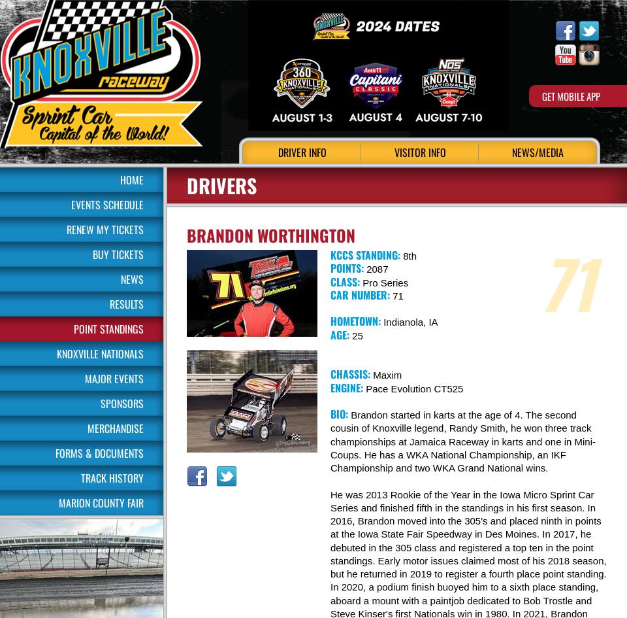 The width and height of the screenshot is (627, 618). Describe the element at coordinates (122, 402) in the screenshot. I see `'Sponsors'` at that location.